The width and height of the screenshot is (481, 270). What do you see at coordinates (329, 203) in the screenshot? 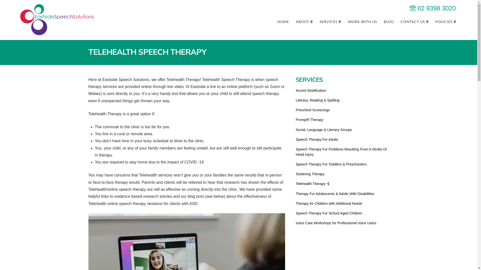
I see `'Therapy for Children with Additional Needs'` at bounding box center [329, 203].